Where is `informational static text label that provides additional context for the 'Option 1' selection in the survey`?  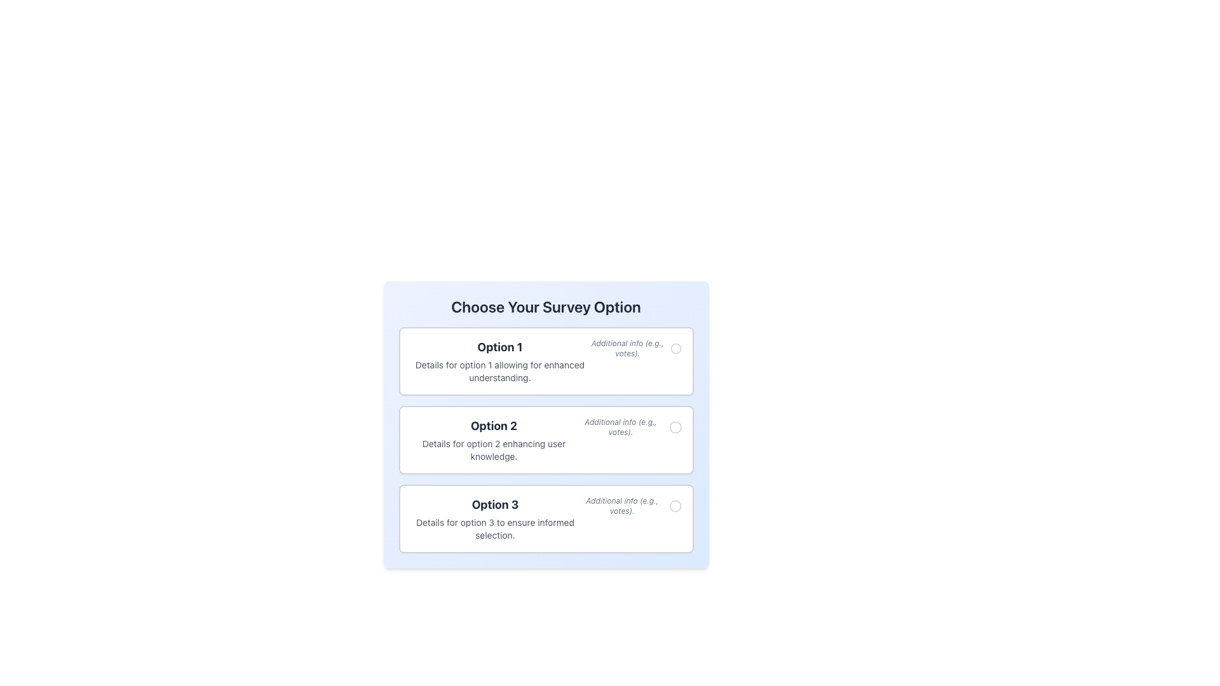 informational static text label that provides additional context for the 'Option 1' selection in the survey is located at coordinates (627, 348).